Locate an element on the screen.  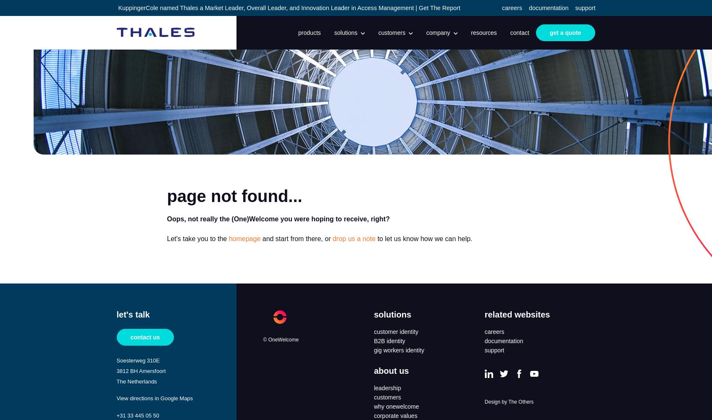
'gig workers identity' is located at coordinates (399, 350).